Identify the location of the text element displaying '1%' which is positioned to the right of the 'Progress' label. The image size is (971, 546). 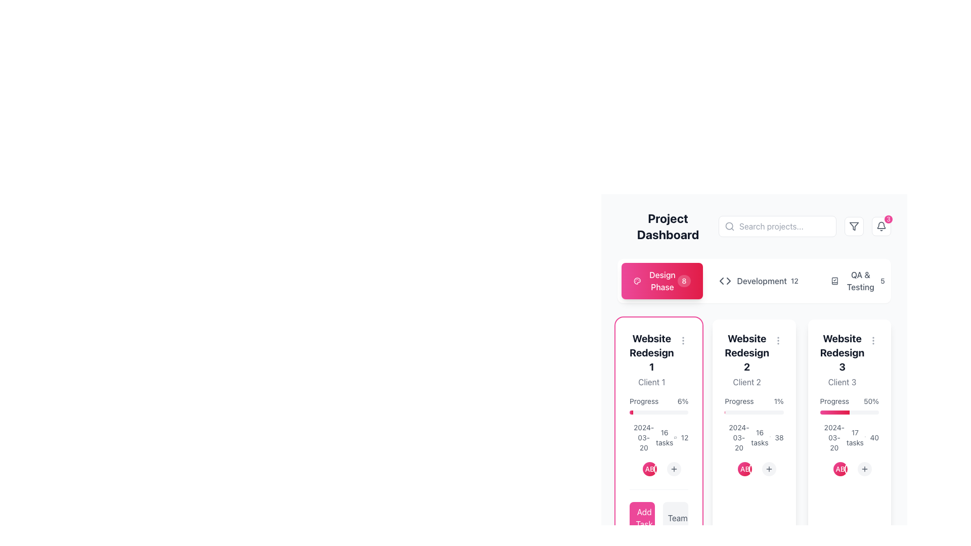
(778, 401).